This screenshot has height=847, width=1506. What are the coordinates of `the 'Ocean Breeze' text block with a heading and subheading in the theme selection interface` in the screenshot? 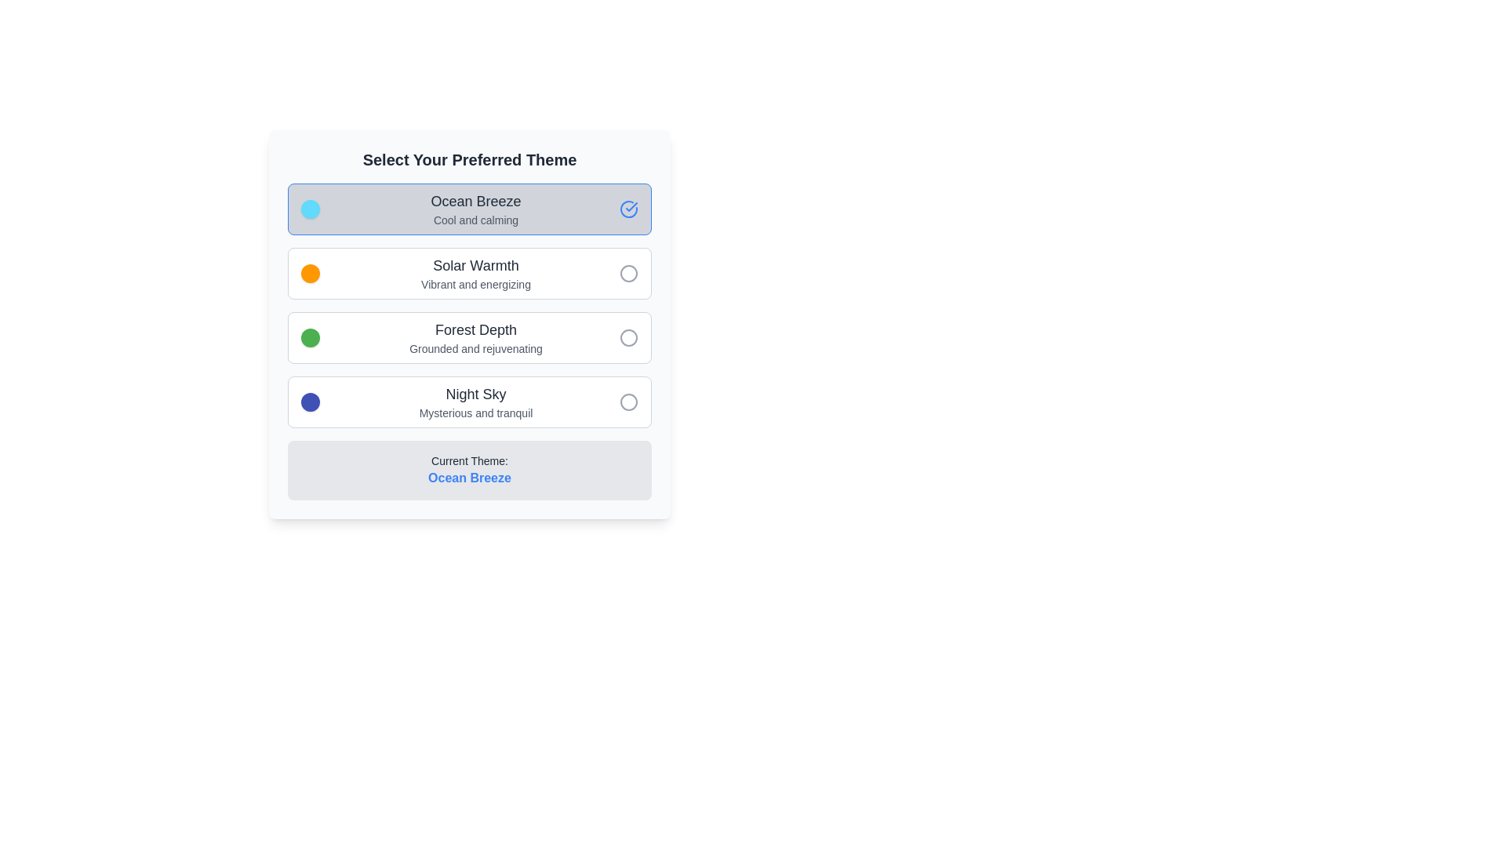 It's located at (475, 208).